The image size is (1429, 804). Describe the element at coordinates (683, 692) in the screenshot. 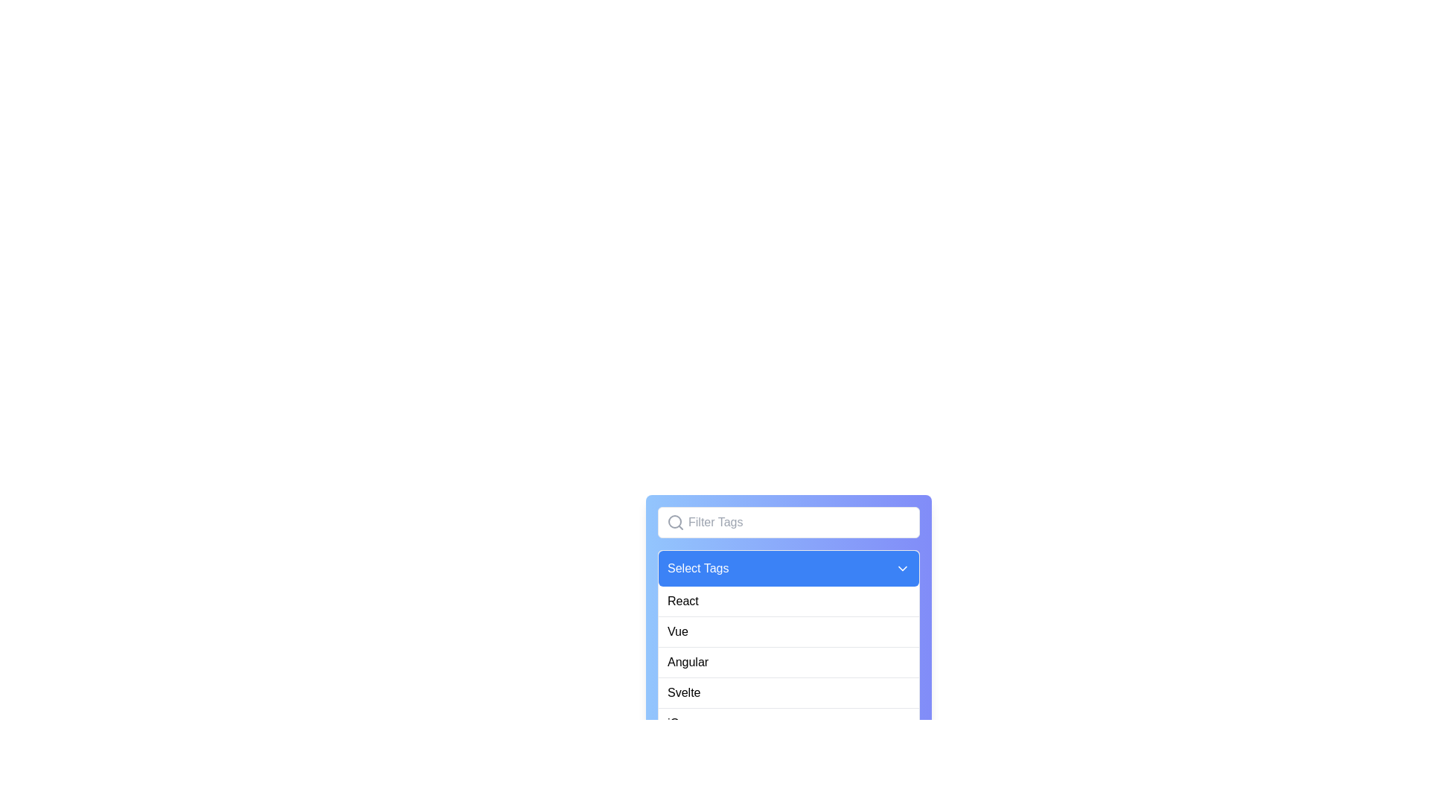

I see `the text label displaying 'Svelte'` at that location.